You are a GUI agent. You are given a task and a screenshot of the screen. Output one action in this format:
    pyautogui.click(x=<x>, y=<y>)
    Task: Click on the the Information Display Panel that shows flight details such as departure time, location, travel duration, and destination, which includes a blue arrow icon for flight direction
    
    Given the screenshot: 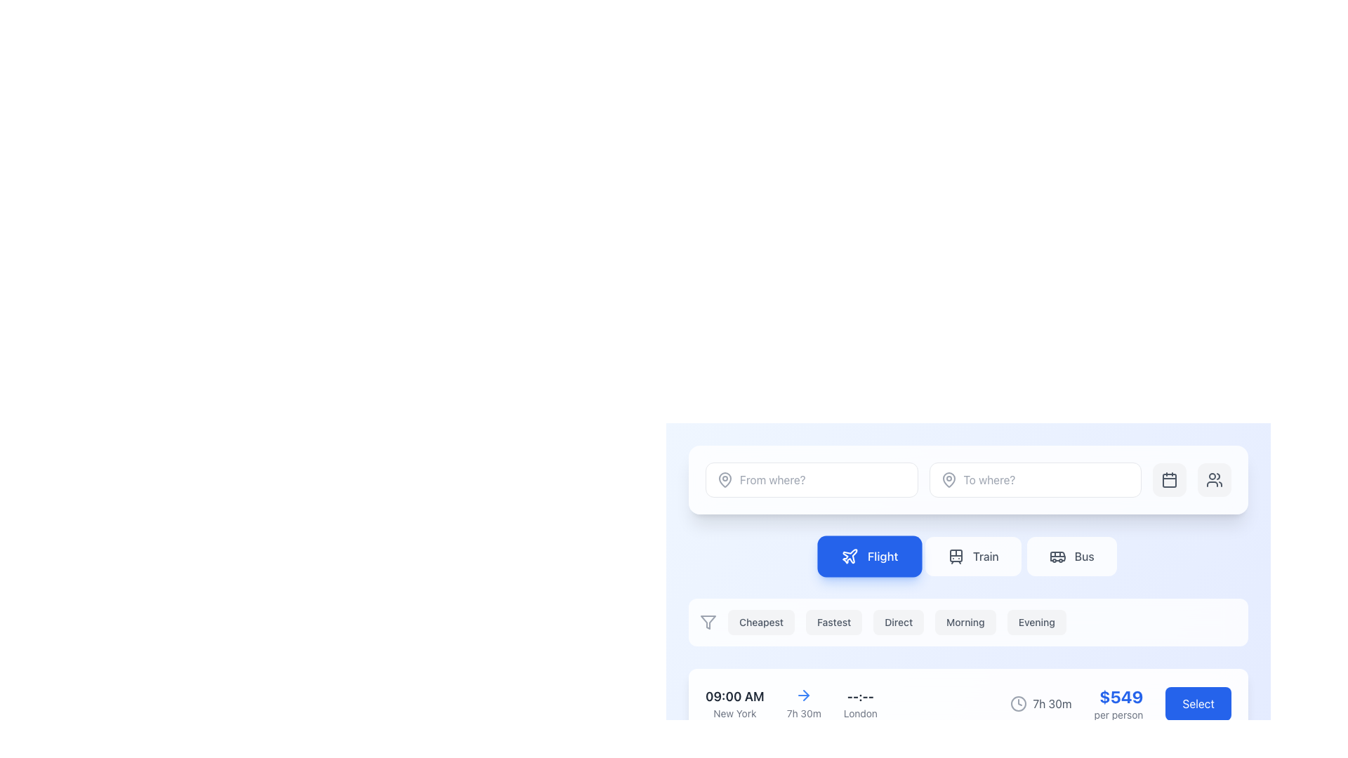 What is the action you would take?
    pyautogui.click(x=791, y=703)
    